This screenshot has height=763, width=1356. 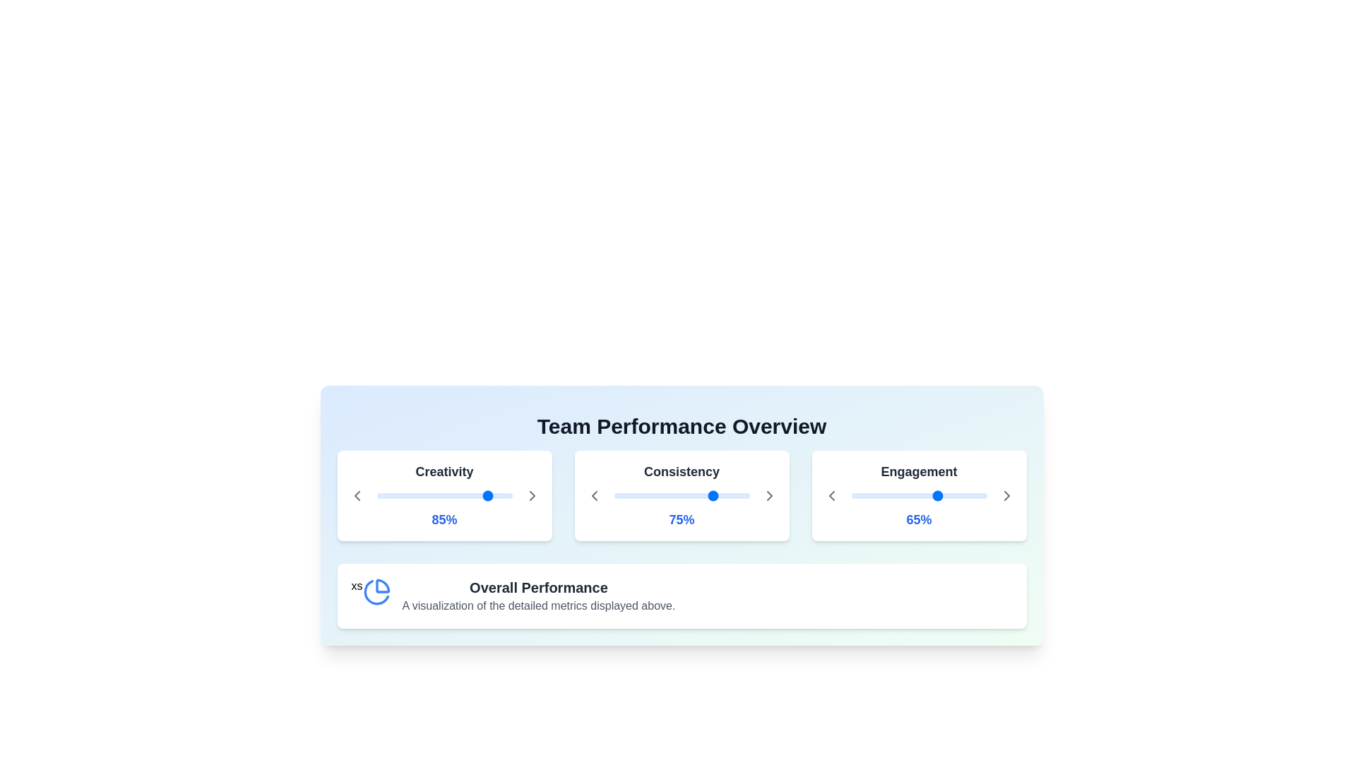 What do you see at coordinates (438, 495) in the screenshot?
I see `Creativity level` at bounding box center [438, 495].